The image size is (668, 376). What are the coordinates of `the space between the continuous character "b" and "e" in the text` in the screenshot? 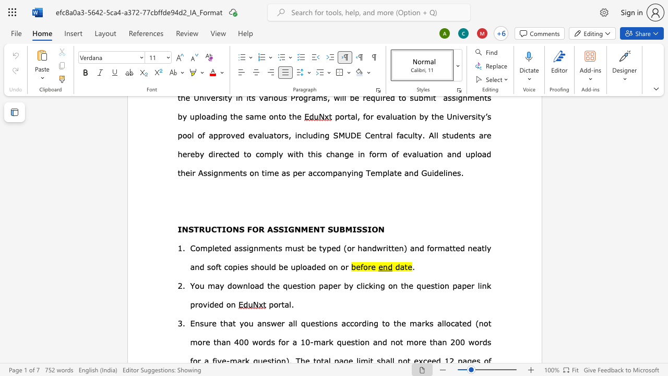 It's located at (311, 248).